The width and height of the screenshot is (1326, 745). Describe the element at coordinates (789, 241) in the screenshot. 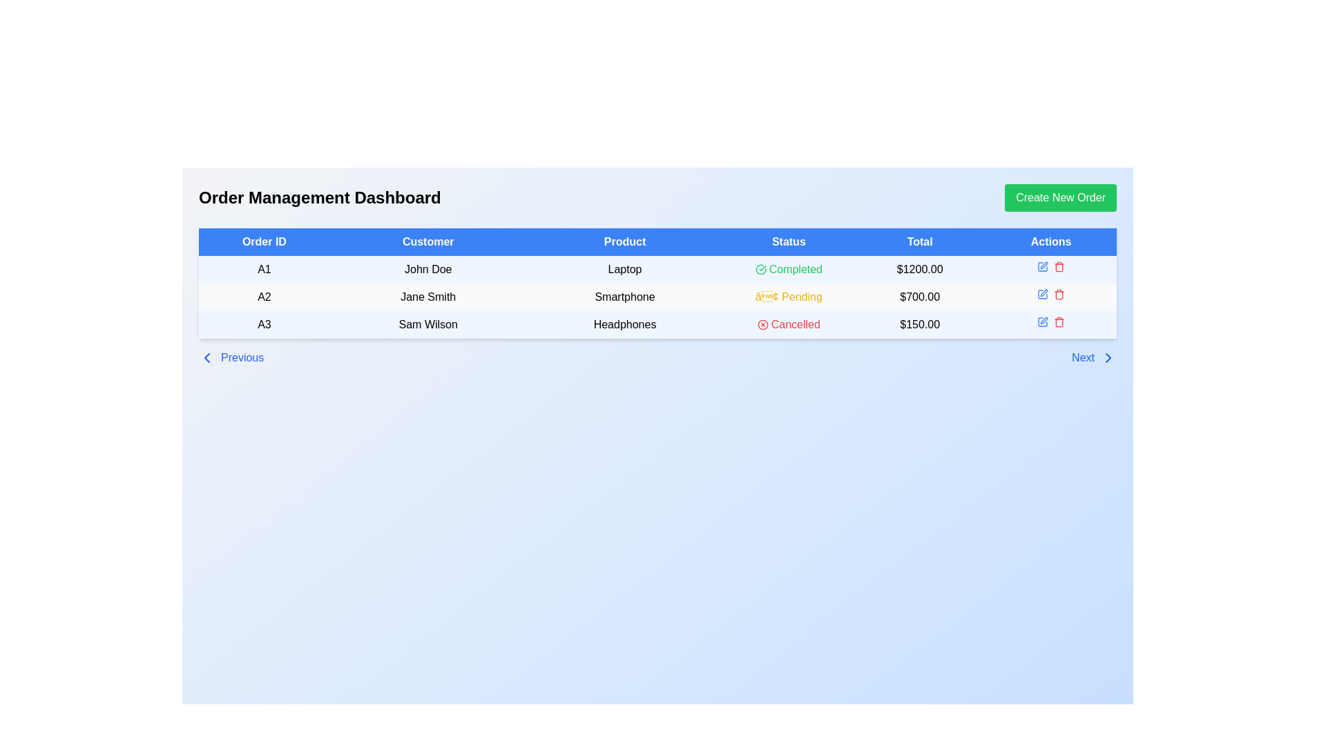

I see `the 'Status' text label in the table header, which is bold, white, and centered within a blue header, positioned between 'Product' and 'Total'` at that location.